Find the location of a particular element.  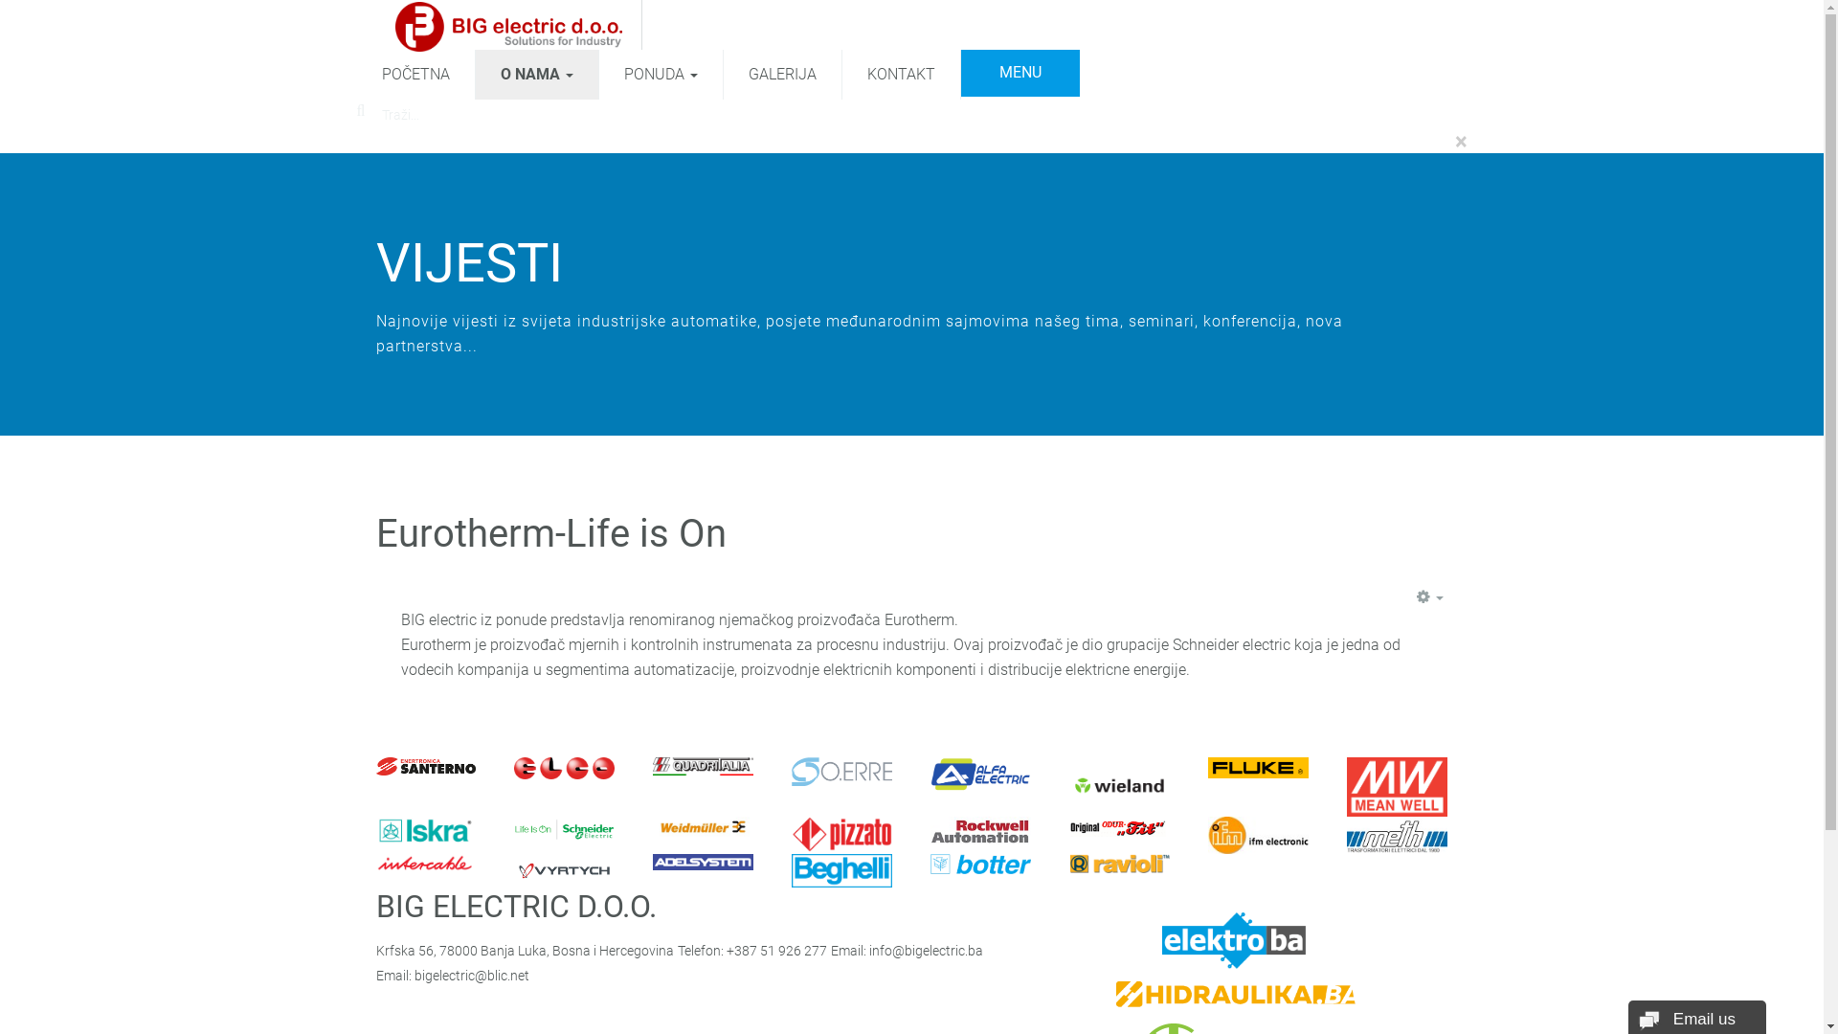

'Intercable' is located at coordinates (424, 865).